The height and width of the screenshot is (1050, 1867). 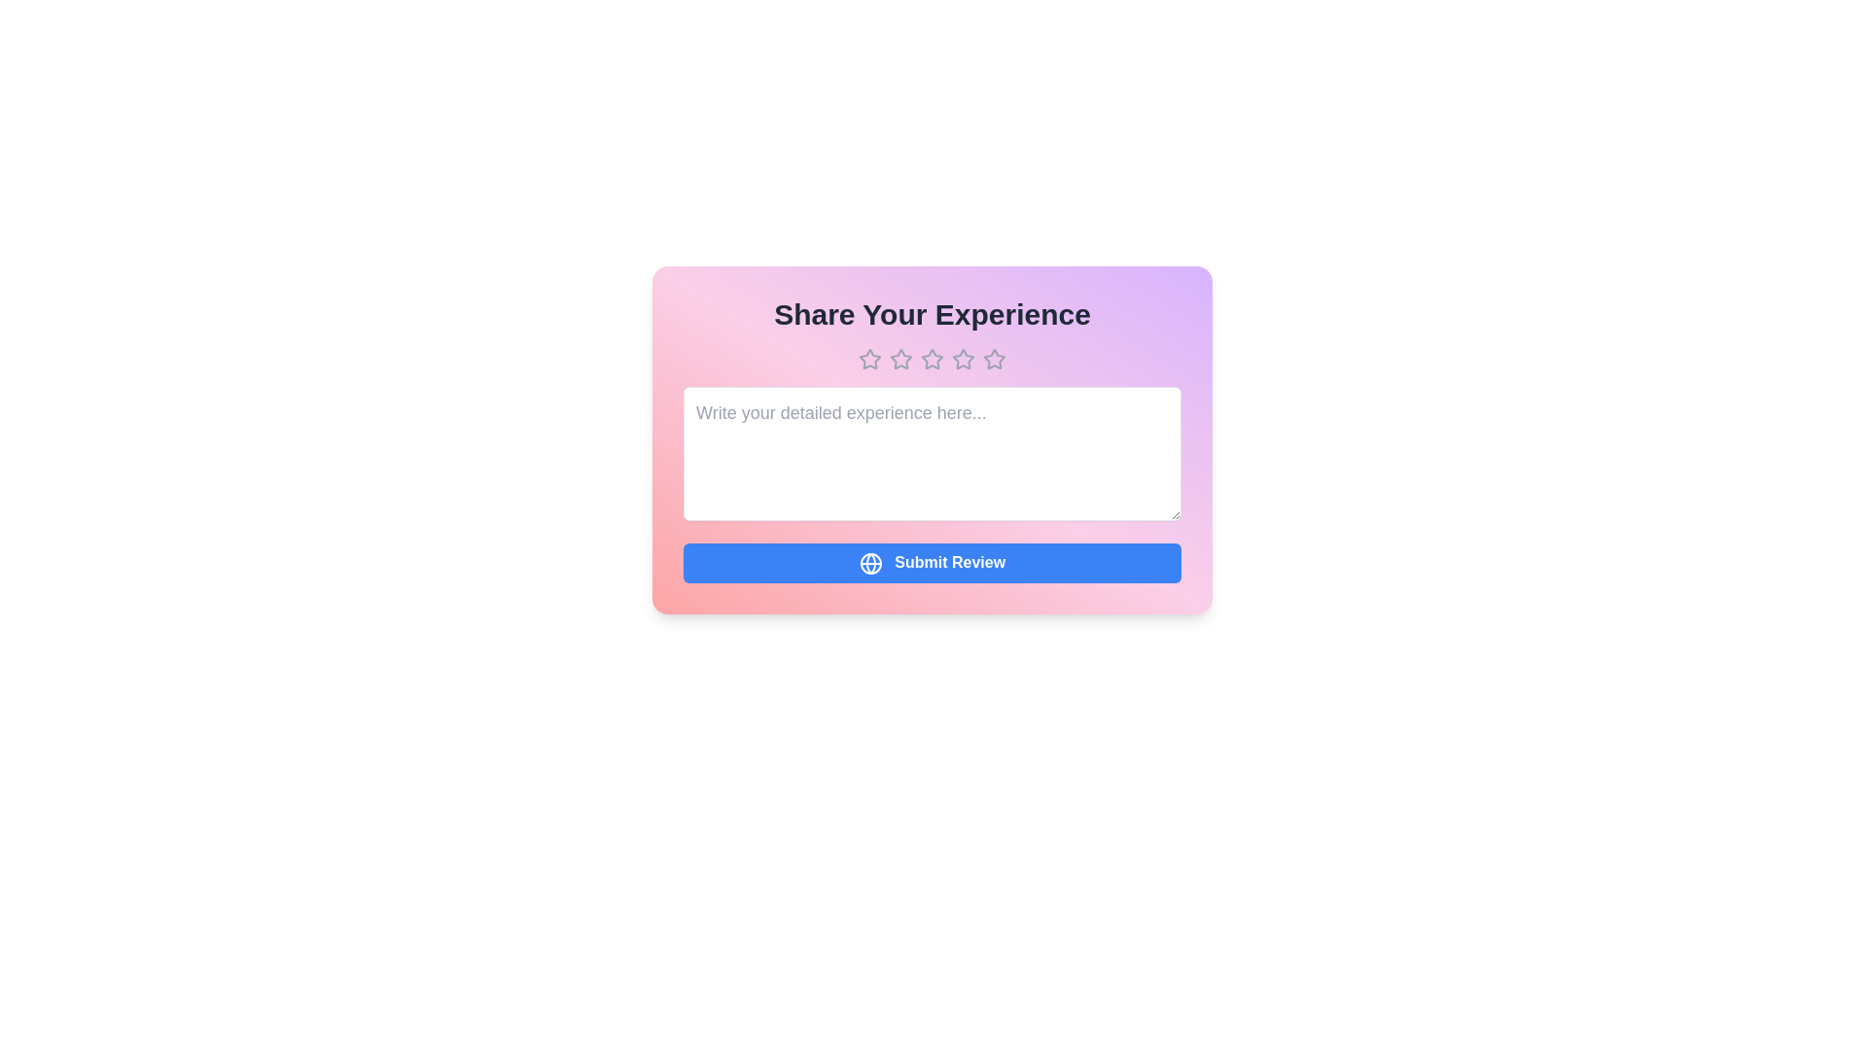 What do you see at coordinates (899, 360) in the screenshot?
I see `the star corresponding to 2 stars to preview the rating` at bounding box center [899, 360].